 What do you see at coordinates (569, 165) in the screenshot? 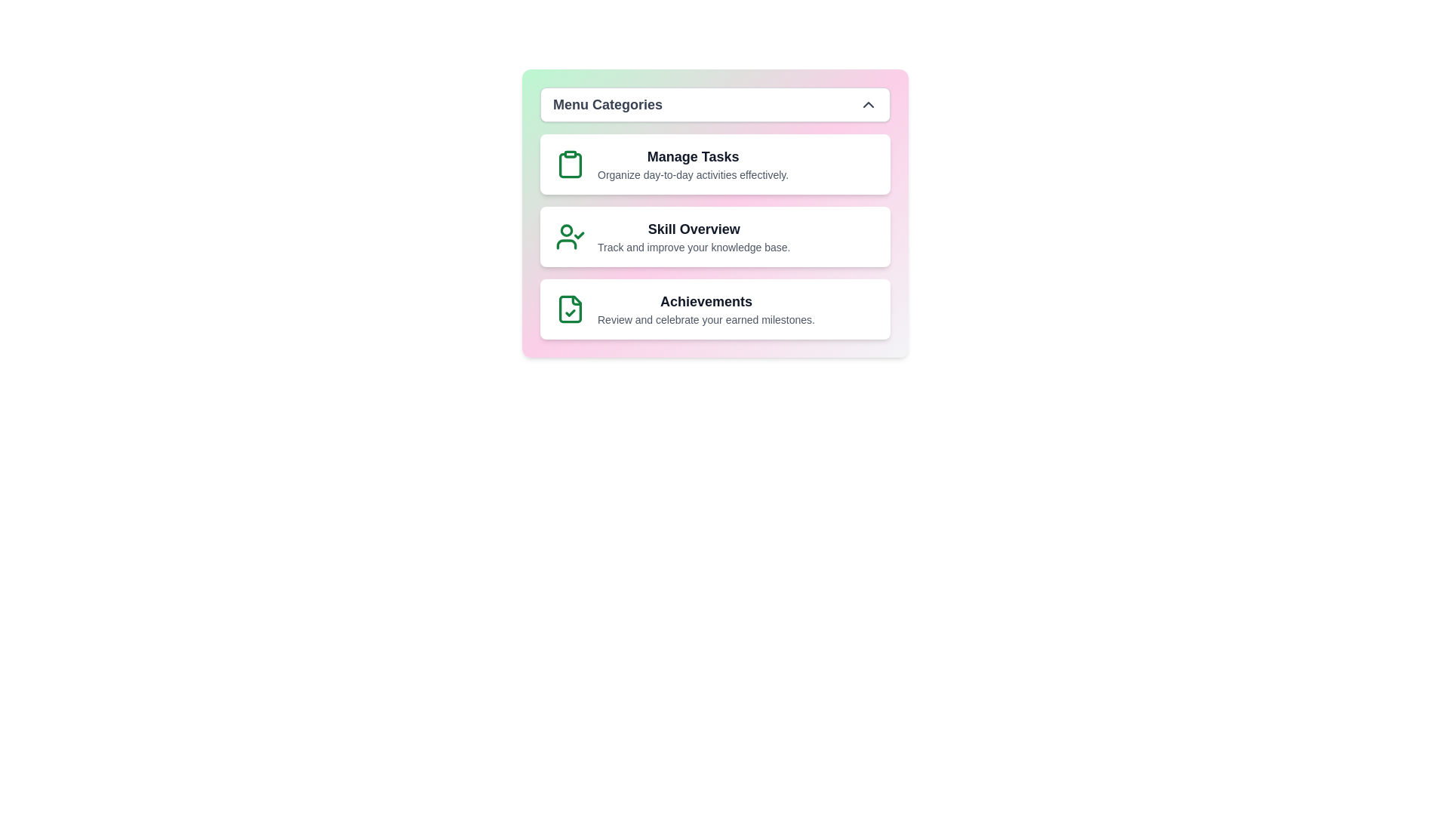
I see `the icon associated with the Manage Tasks category` at bounding box center [569, 165].